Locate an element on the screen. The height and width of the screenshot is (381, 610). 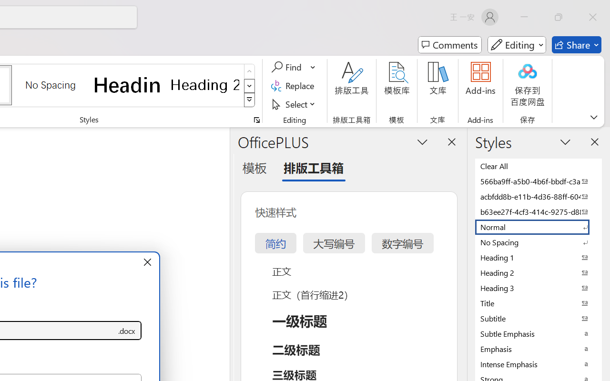
'Minimize' is located at coordinates (524, 17).